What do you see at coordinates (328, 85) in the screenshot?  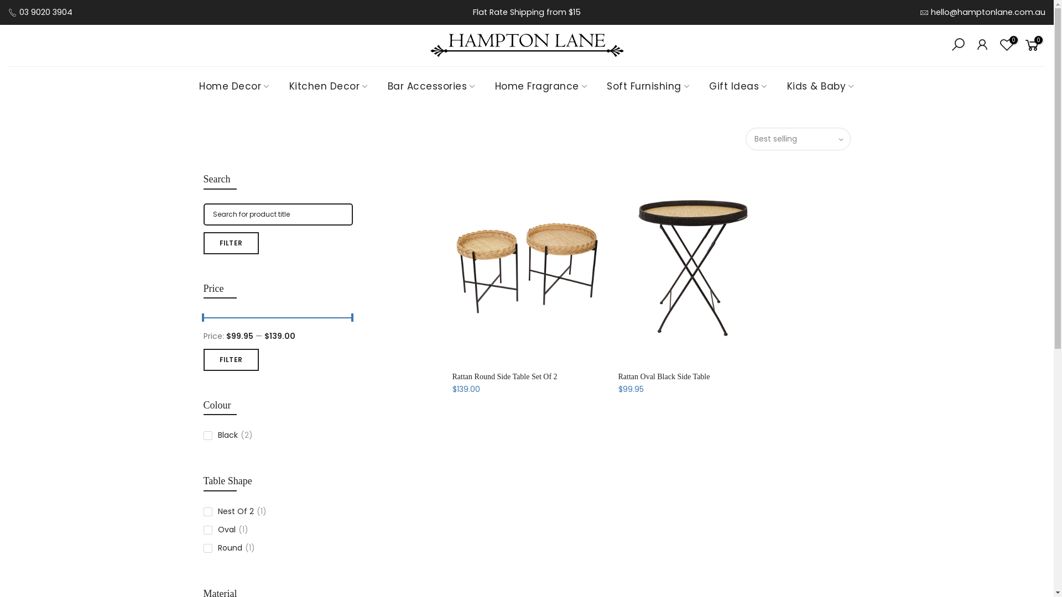 I see `'Kitchen Decor'` at bounding box center [328, 85].